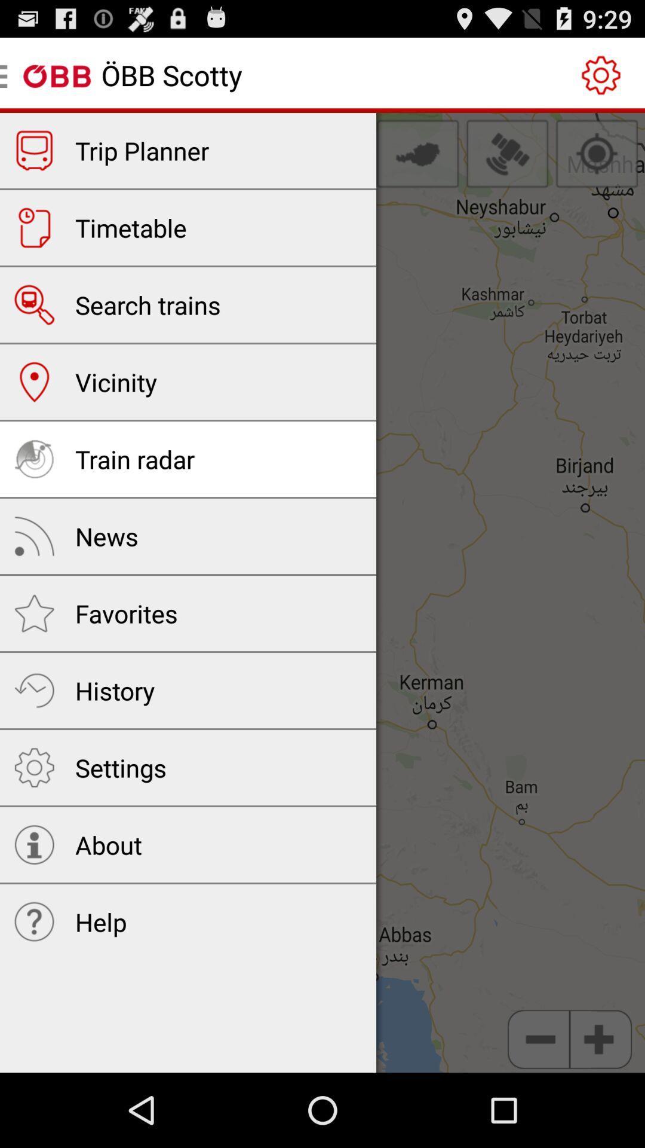  What do you see at coordinates (106, 536) in the screenshot?
I see `the news item` at bounding box center [106, 536].